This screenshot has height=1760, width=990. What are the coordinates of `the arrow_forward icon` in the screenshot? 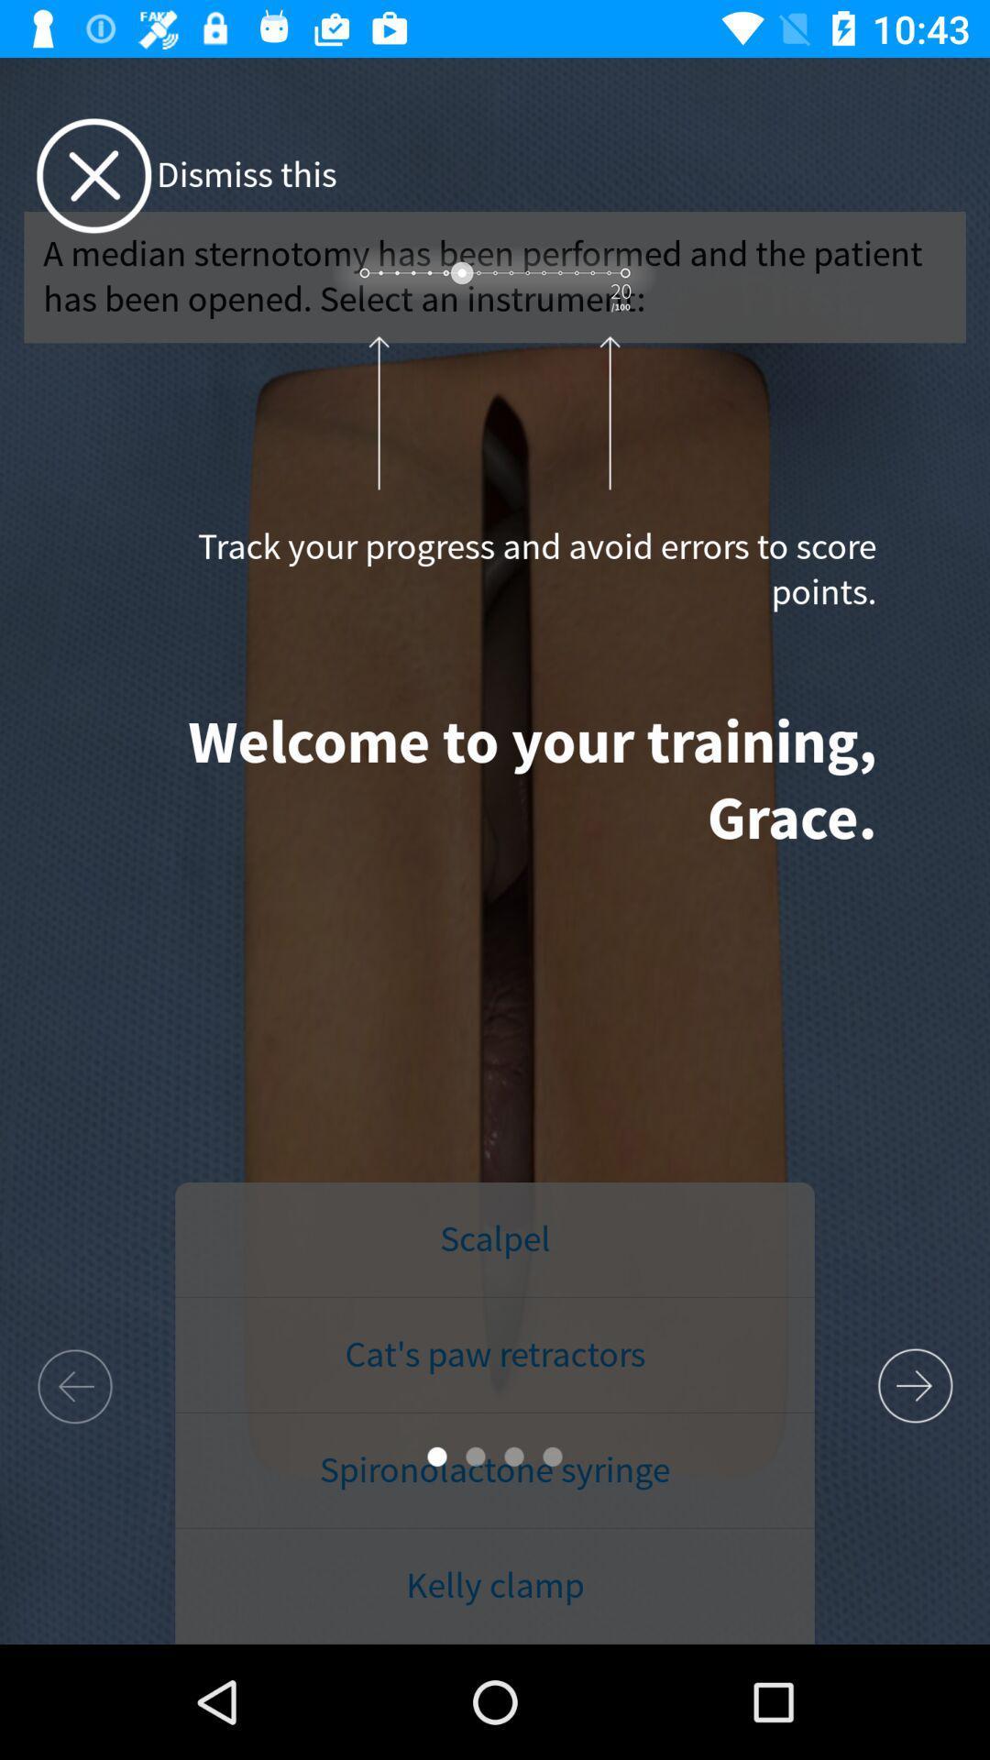 It's located at (915, 1386).